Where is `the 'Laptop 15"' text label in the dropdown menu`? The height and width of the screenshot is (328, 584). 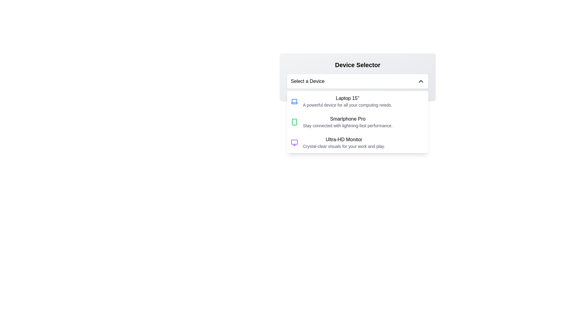 the 'Laptop 15"' text label in the dropdown menu is located at coordinates (347, 98).